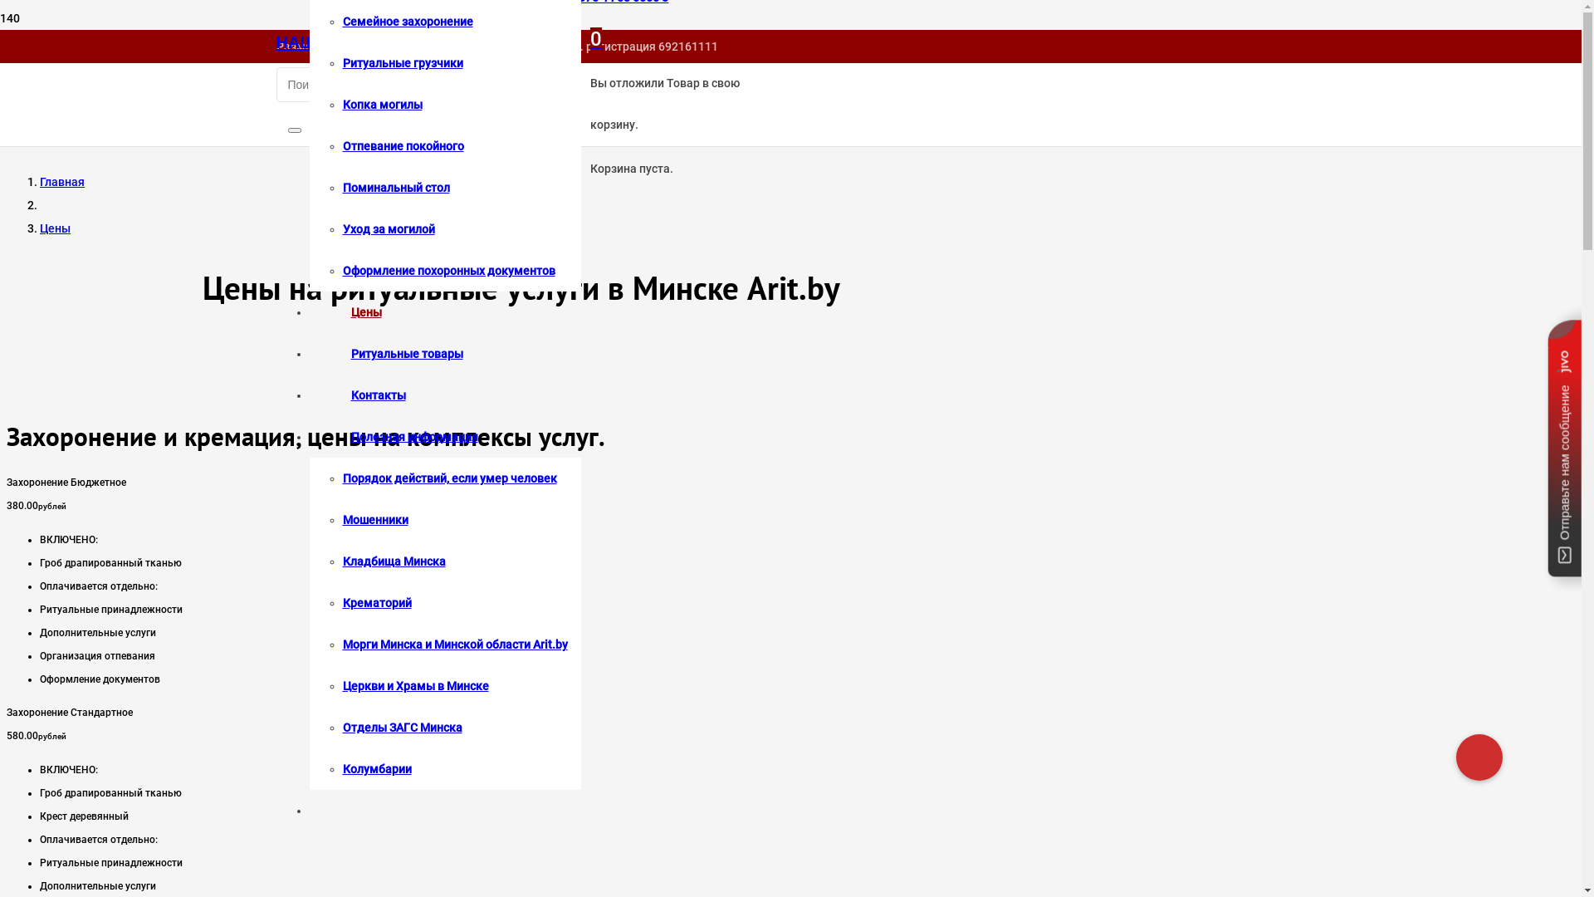 The image size is (1594, 897). Describe the element at coordinates (596, 37) in the screenshot. I see `'0'` at that location.